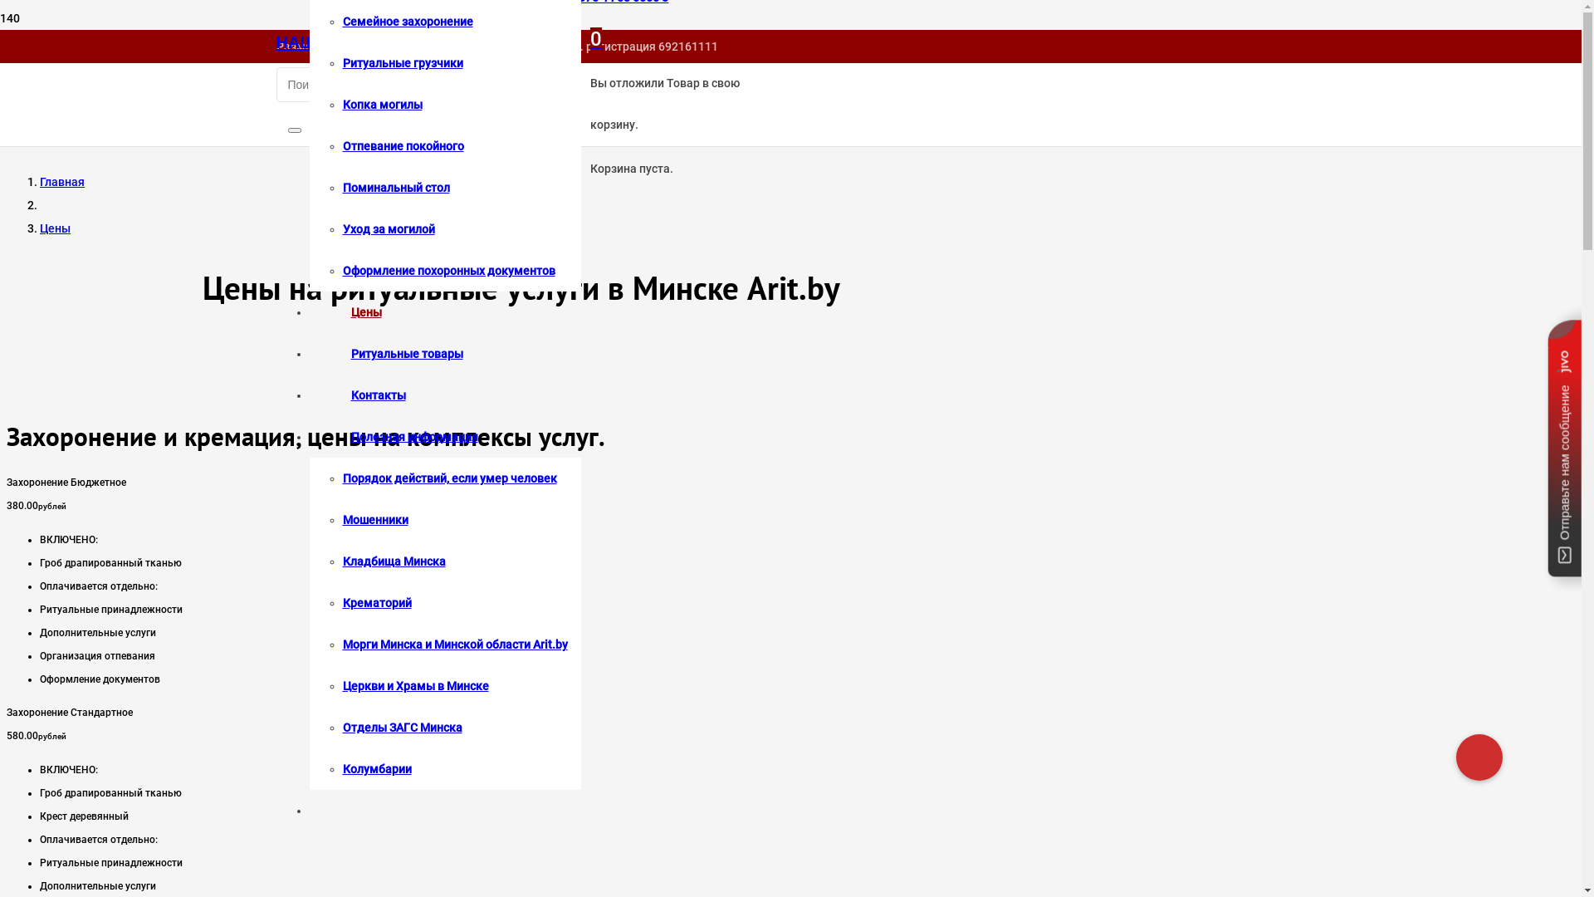 The image size is (1594, 897). Describe the element at coordinates (596, 37) in the screenshot. I see `'0'` at that location.